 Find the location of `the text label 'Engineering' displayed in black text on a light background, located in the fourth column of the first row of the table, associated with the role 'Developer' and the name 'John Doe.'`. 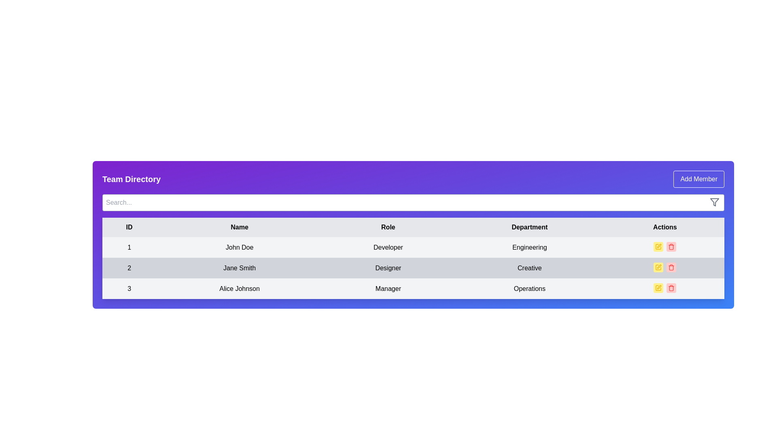

the text label 'Engineering' displayed in black text on a light background, located in the fourth column of the first row of the table, associated with the role 'Developer' and the name 'John Doe.' is located at coordinates (529, 247).